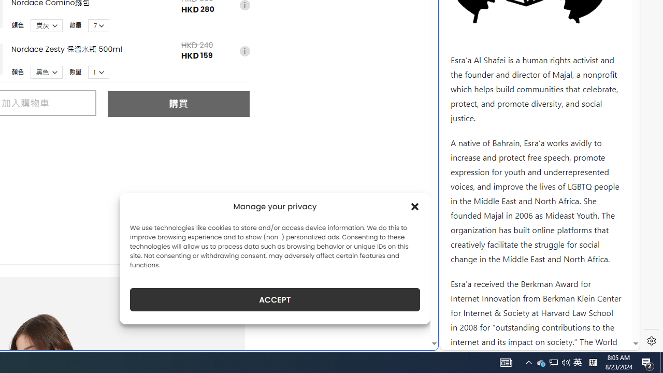 Image resolution: width=663 pixels, height=373 pixels. I want to click on 'Class: upsell-v2-product-upsell-variable-product-qty-select', so click(99, 71).